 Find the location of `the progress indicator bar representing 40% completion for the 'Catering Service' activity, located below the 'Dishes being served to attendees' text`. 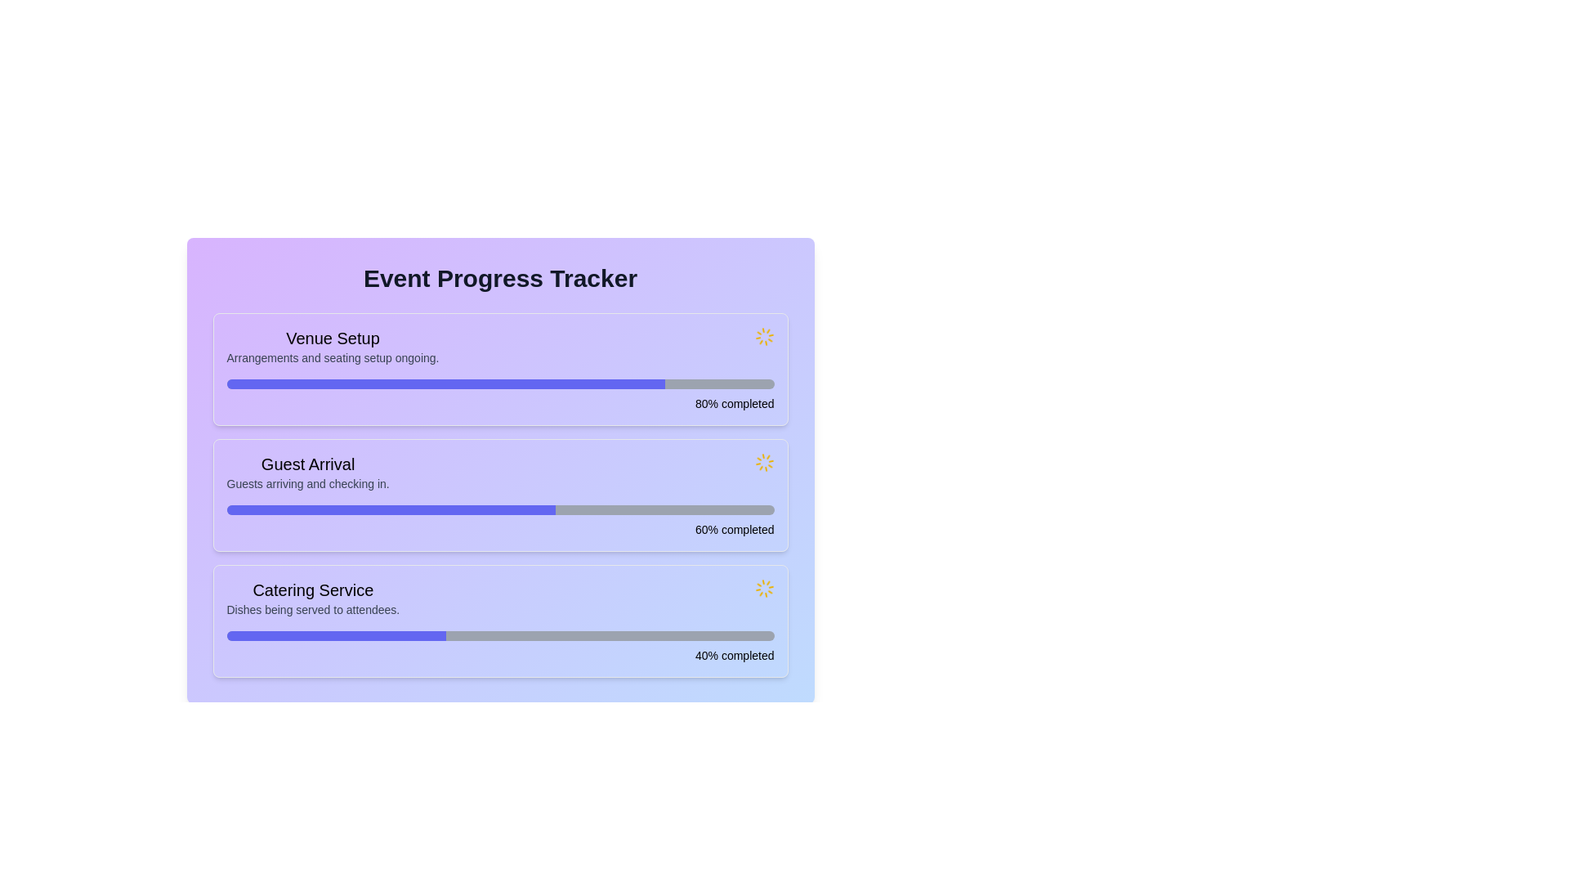

the progress indicator bar representing 40% completion for the 'Catering Service' activity, located below the 'Dishes being served to attendees' text is located at coordinates (335, 635).